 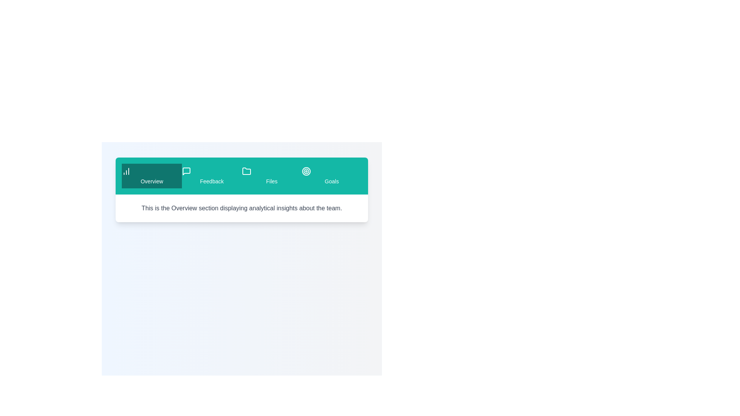 I want to click on the Files tab to switch to its content, so click(x=272, y=176).